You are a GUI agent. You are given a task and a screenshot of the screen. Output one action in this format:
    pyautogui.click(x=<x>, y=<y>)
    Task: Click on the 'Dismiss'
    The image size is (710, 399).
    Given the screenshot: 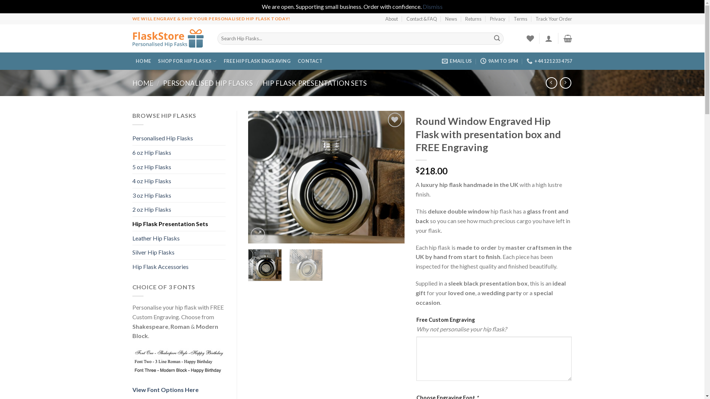 What is the action you would take?
    pyautogui.click(x=433, y=6)
    